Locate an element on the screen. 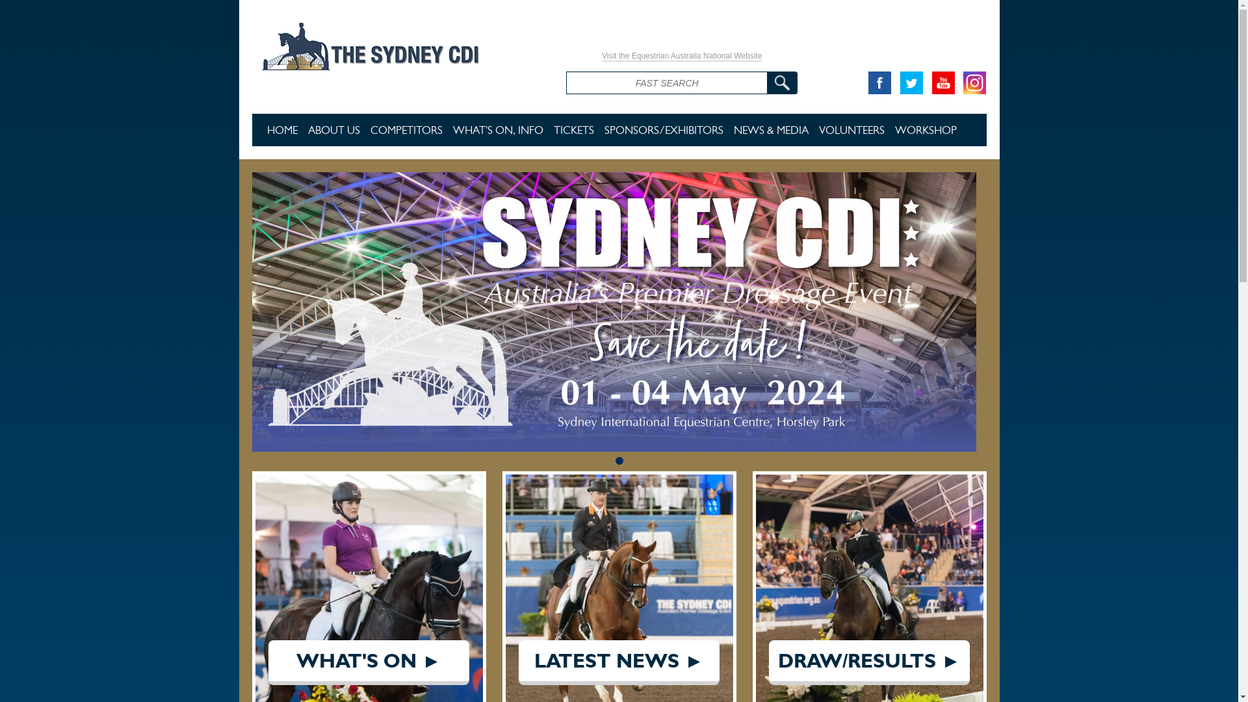 This screenshot has height=702, width=1248. 'VOLUNTEERS' is located at coordinates (851, 130).